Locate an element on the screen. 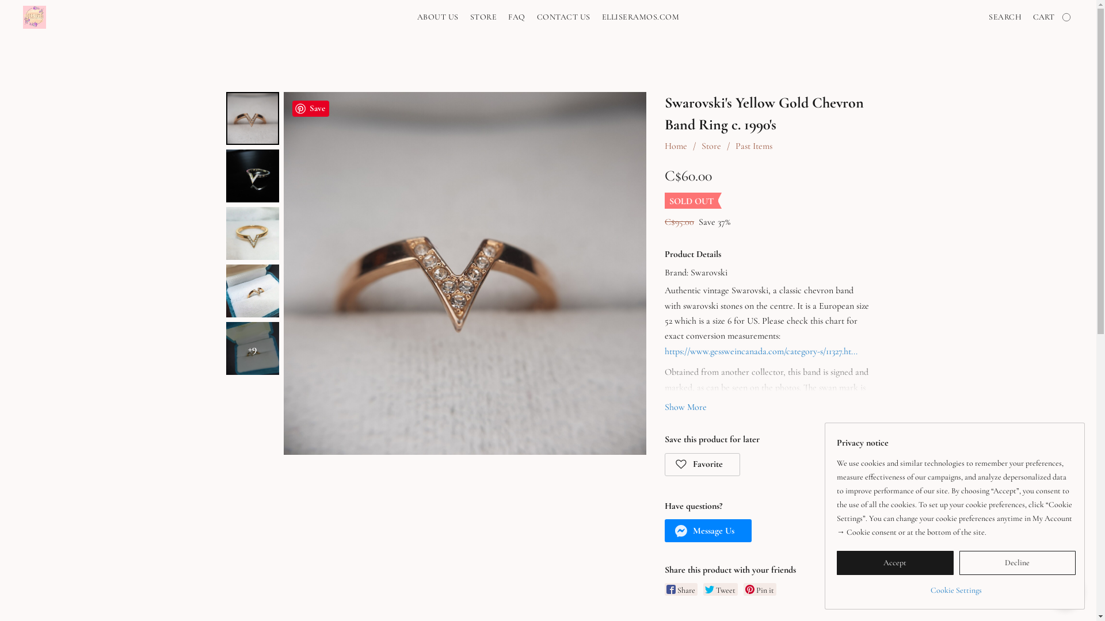 This screenshot has height=621, width=1105. 'Favorite' is located at coordinates (665, 463).